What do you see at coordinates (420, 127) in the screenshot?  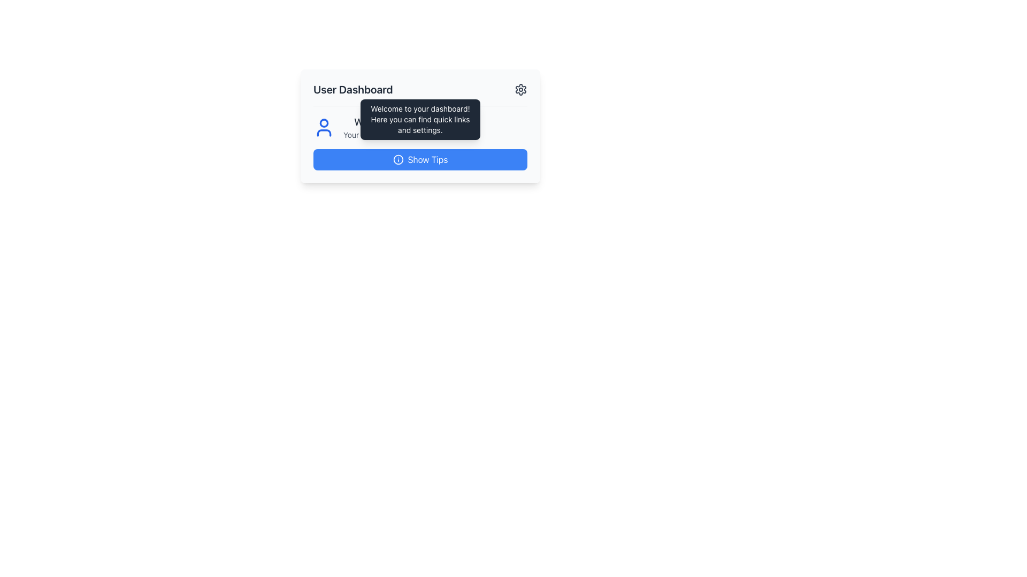 I see `the Text and Icon Group Section that displays a personalized greeting and last login information, located in the User Dashboard below the header and above the Show Tips button` at bounding box center [420, 127].